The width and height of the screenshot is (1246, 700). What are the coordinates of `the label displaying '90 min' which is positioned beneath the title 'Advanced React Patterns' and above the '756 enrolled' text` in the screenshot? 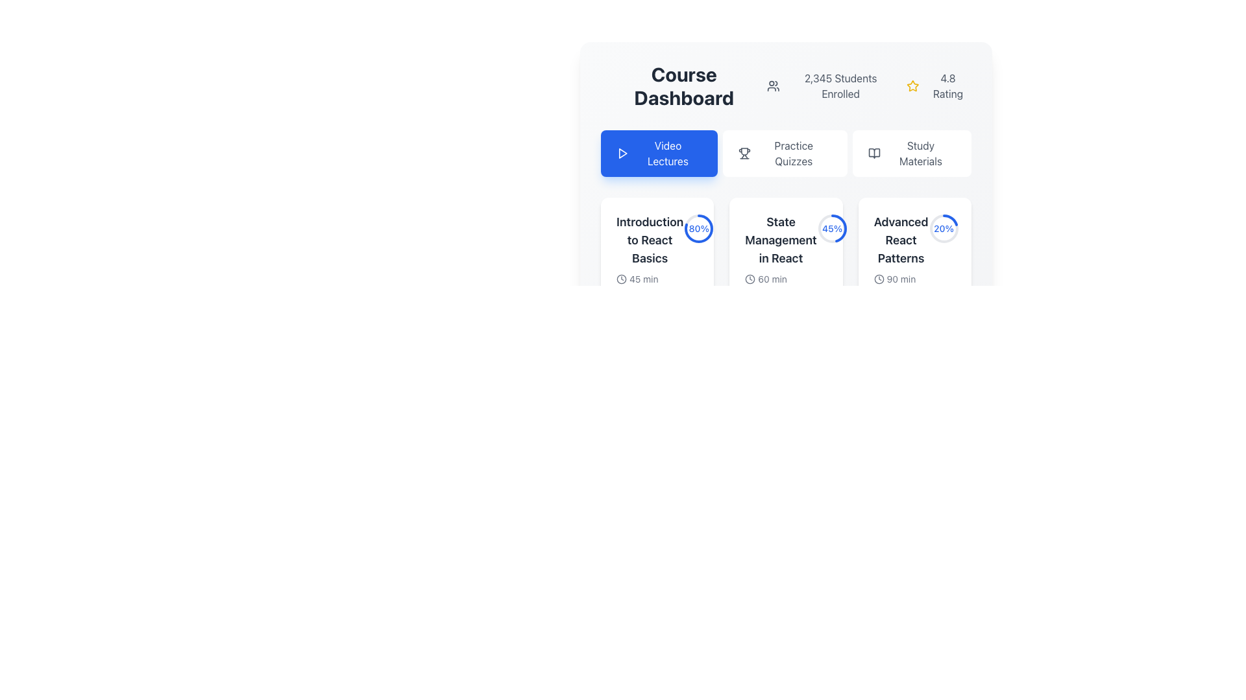 It's located at (900, 279).